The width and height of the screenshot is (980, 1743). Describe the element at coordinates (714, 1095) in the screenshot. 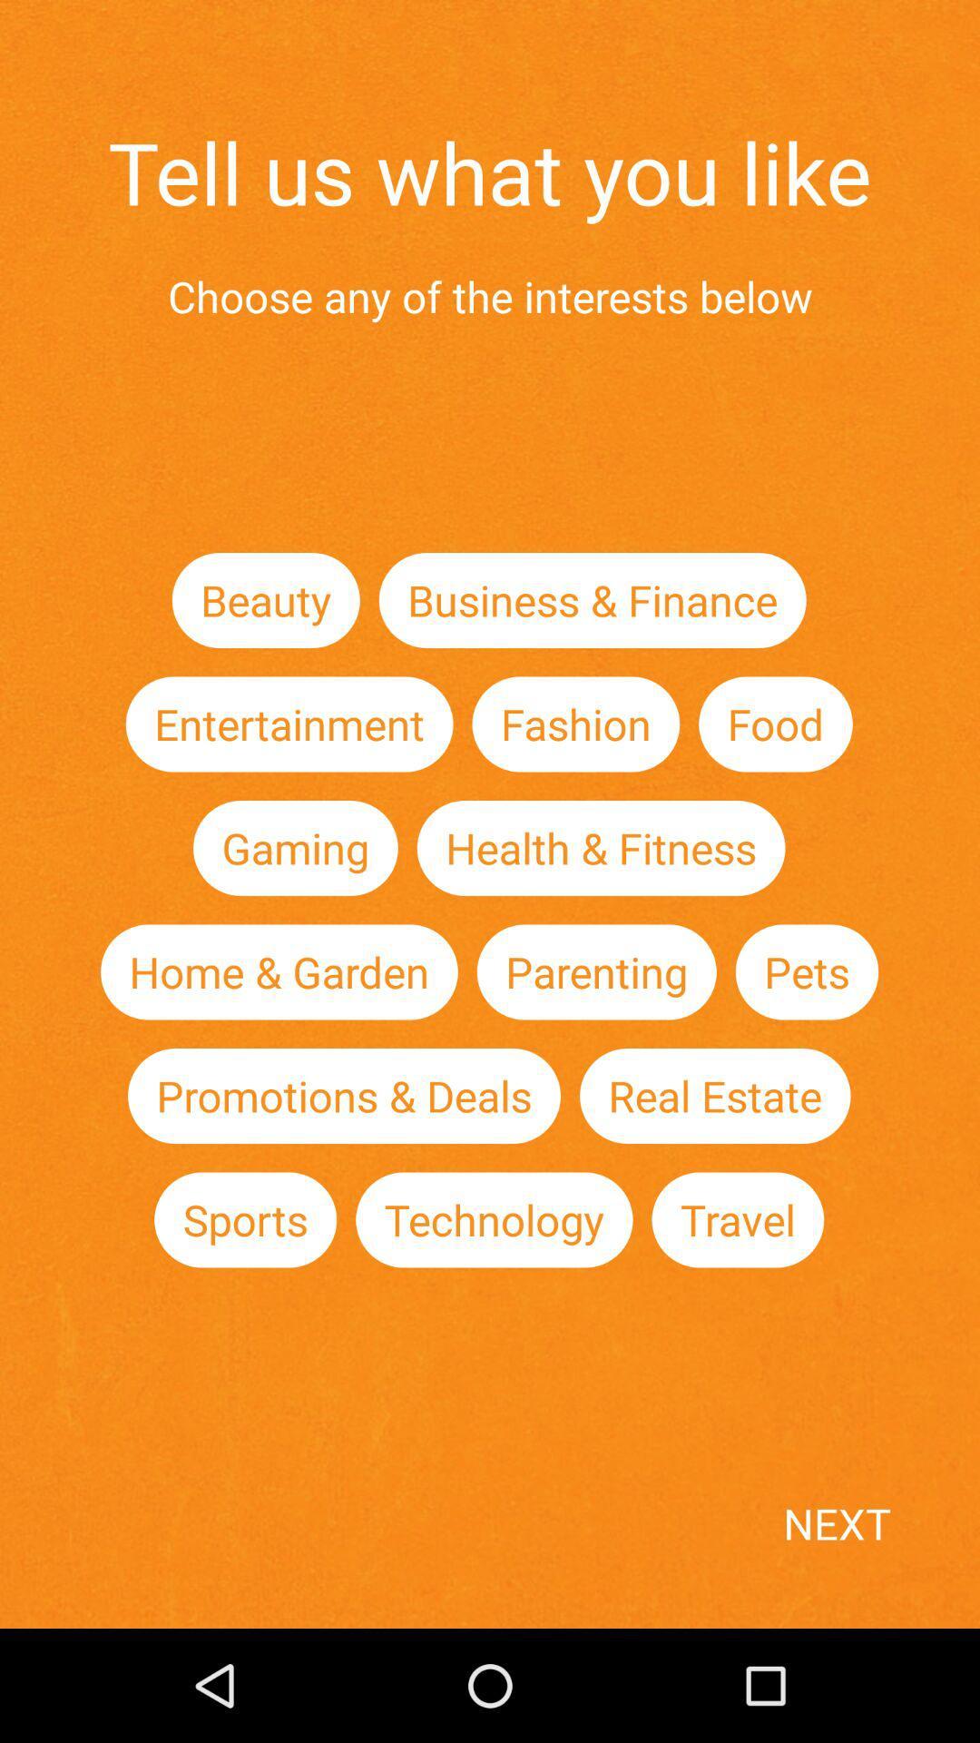

I see `the real estate item` at that location.